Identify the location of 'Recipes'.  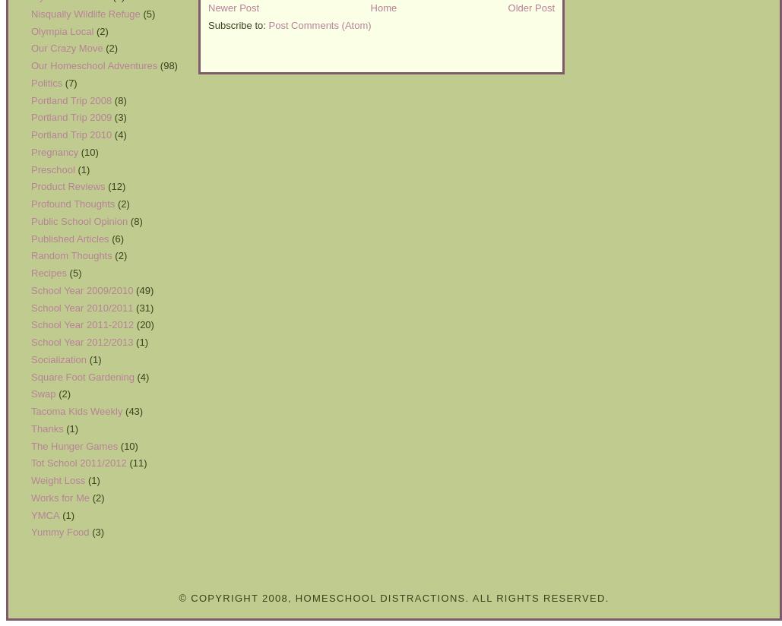
(49, 272).